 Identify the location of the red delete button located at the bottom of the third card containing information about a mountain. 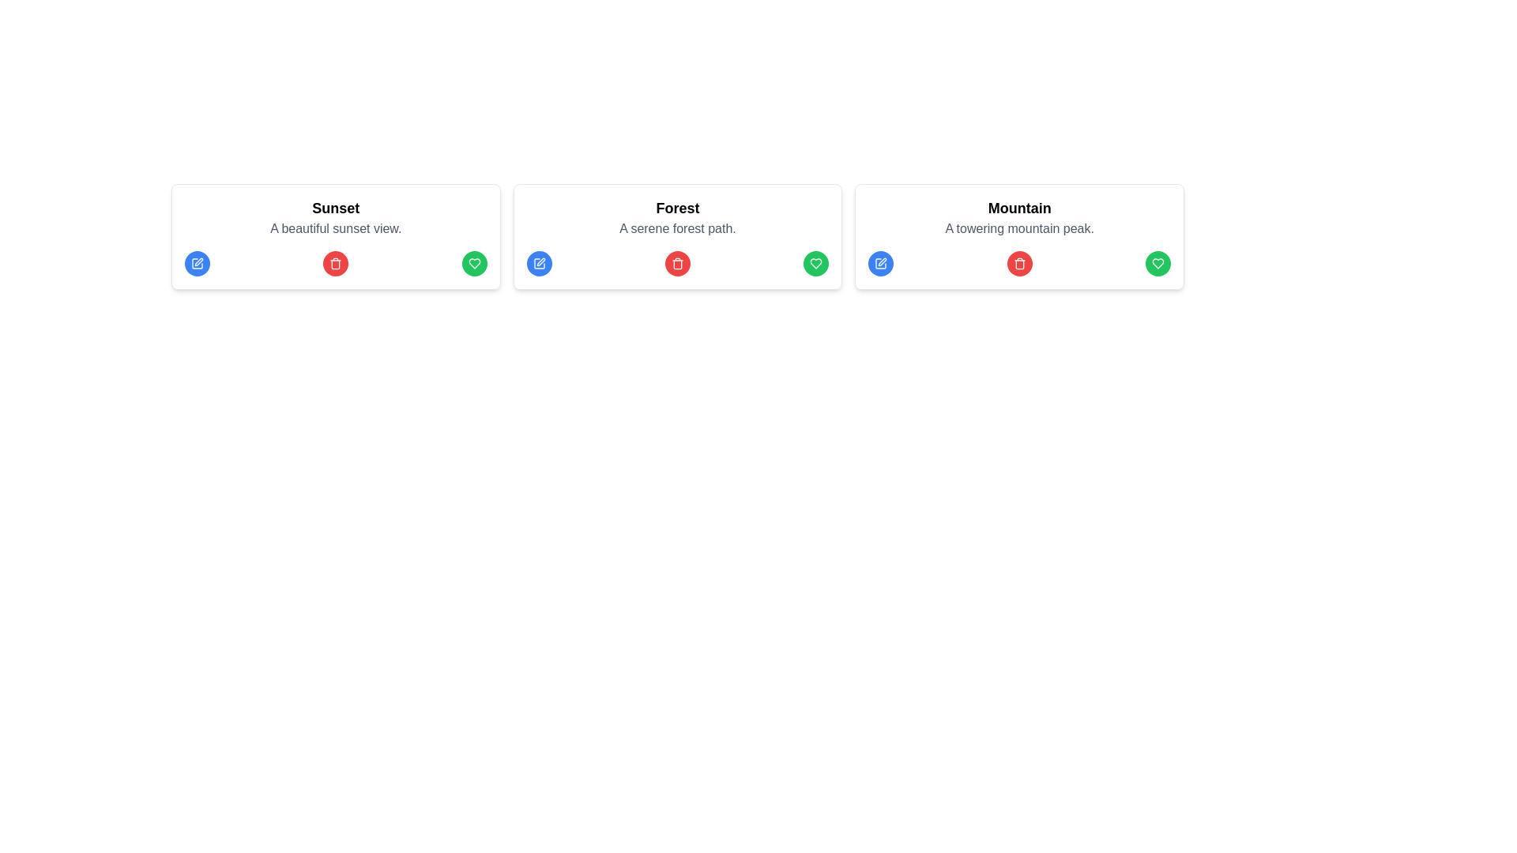
(1019, 237).